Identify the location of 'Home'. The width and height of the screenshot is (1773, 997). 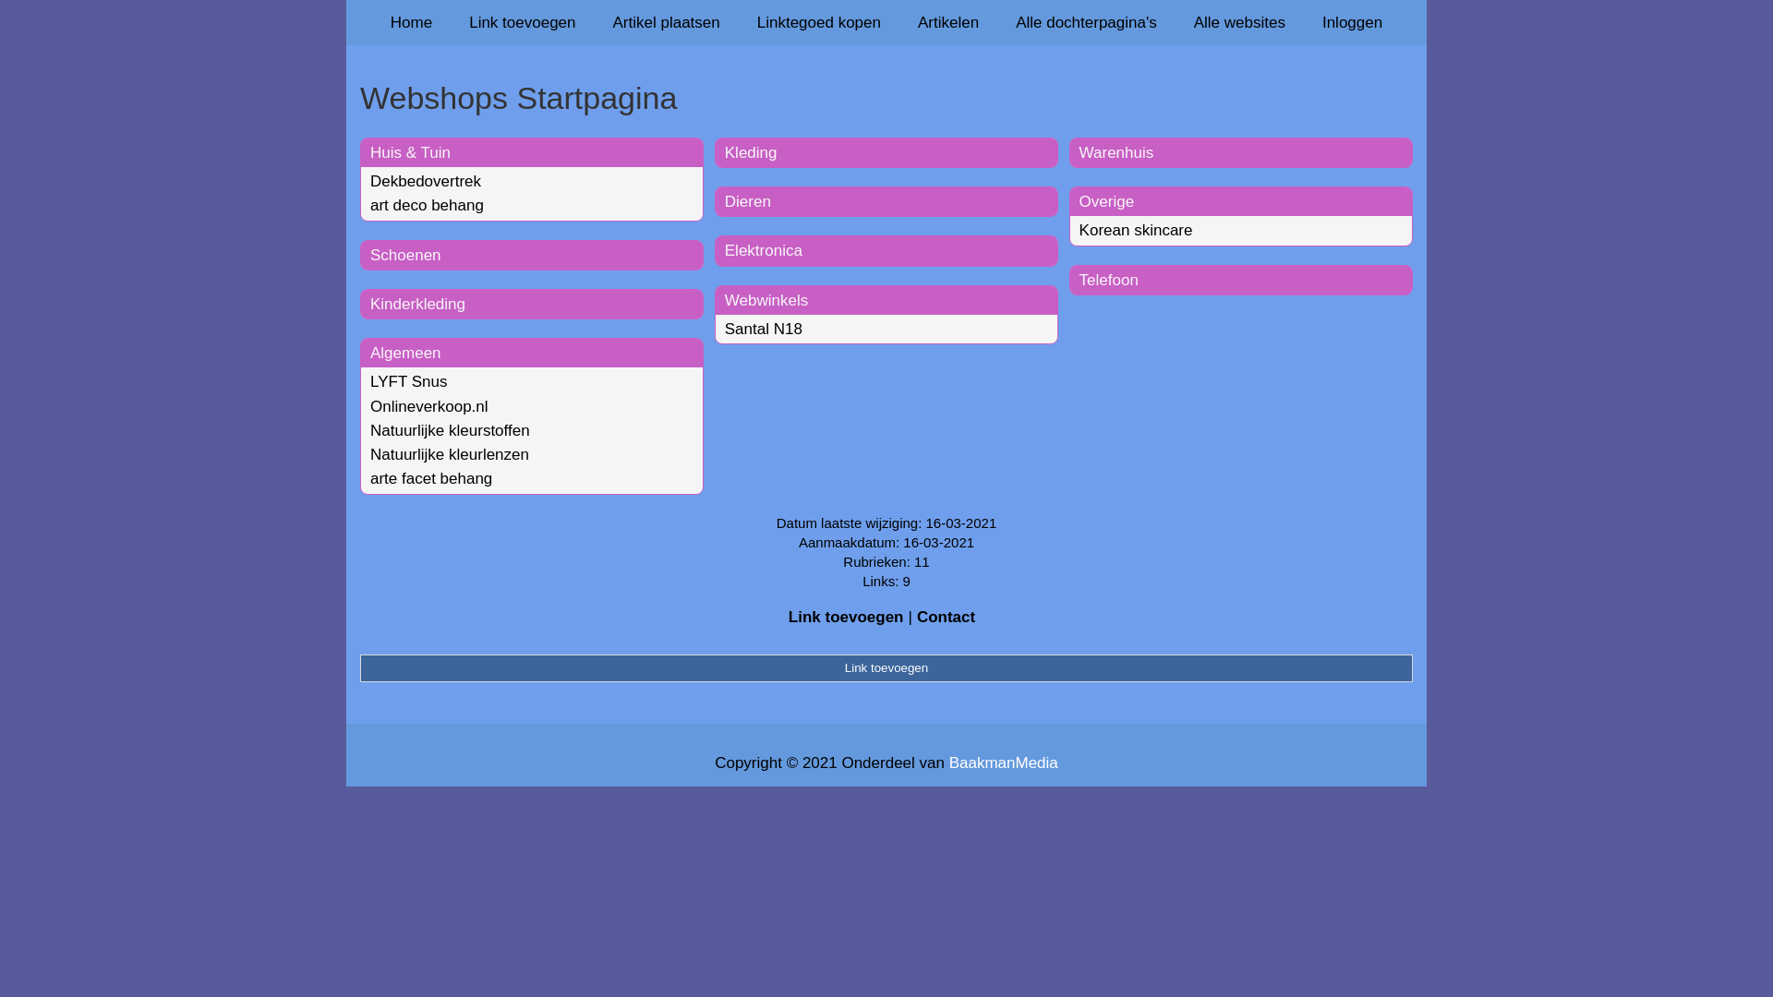
(410, 22).